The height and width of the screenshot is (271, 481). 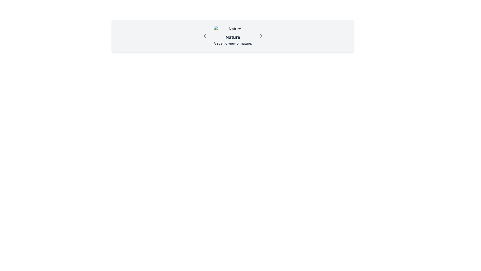 What do you see at coordinates (232, 39) in the screenshot?
I see `the text block displaying 'Nature' with a light gray background, which contains a bold first line and a smaller second line` at bounding box center [232, 39].